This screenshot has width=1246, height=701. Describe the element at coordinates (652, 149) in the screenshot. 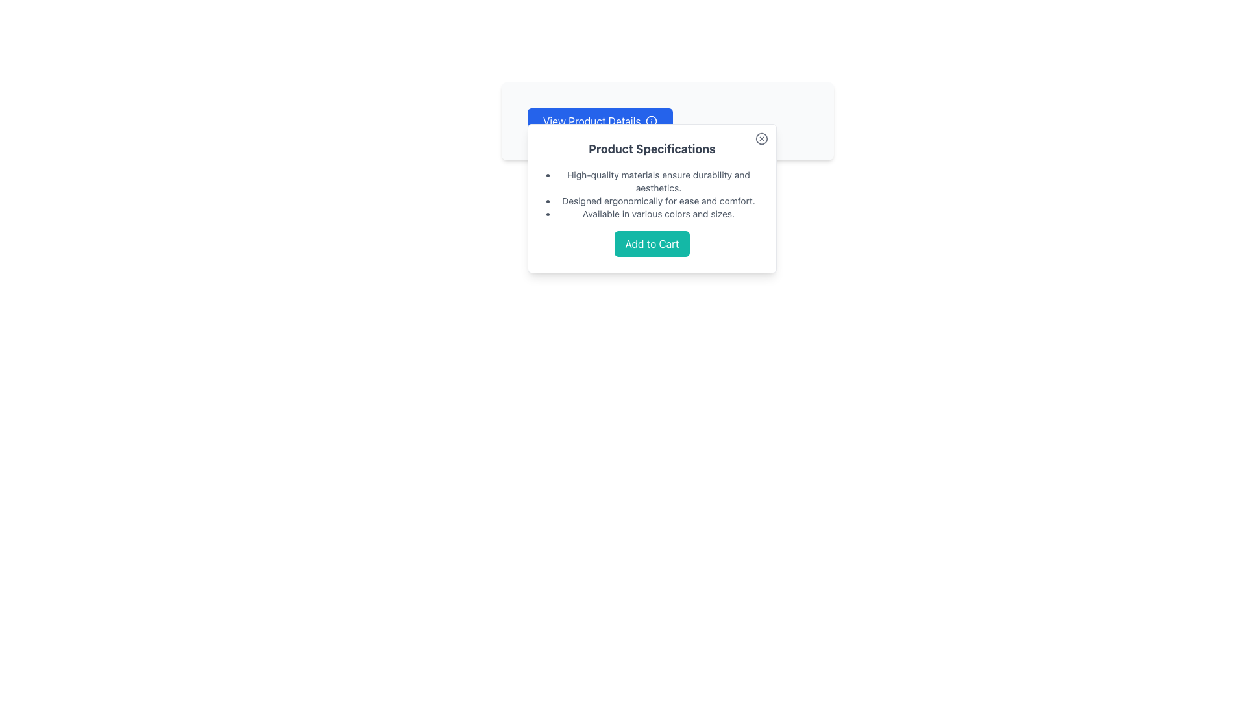

I see `the Text Label that serves as a section header, indicating the title of the content below it, which is located above a bulleted list of product features and an 'Add to Cart' button` at that location.